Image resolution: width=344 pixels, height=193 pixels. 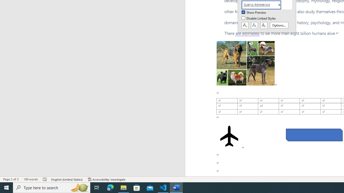 What do you see at coordinates (11, 179) in the screenshot?
I see `'Page Number Page 2 of 3'` at bounding box center [11, 179].